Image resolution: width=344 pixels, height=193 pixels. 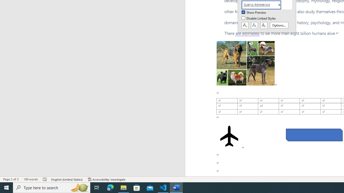 What do you see at coordinates (11, 179) in the screenshot?
I see `'Page Number Page 2 of 3'` at bounding box center [11, 179].